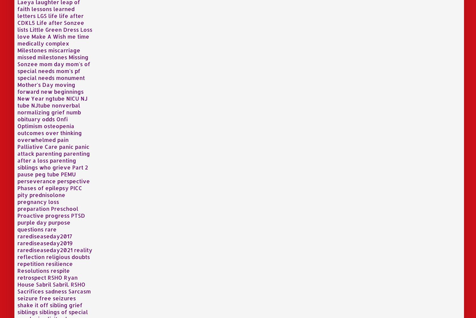 Image resolution: width=476 pixels, height=318 pixels. What do you see at coordinates (41, 111) in the screenshot?
I see `'normalizing grief'` at bounding box center [41, 111].